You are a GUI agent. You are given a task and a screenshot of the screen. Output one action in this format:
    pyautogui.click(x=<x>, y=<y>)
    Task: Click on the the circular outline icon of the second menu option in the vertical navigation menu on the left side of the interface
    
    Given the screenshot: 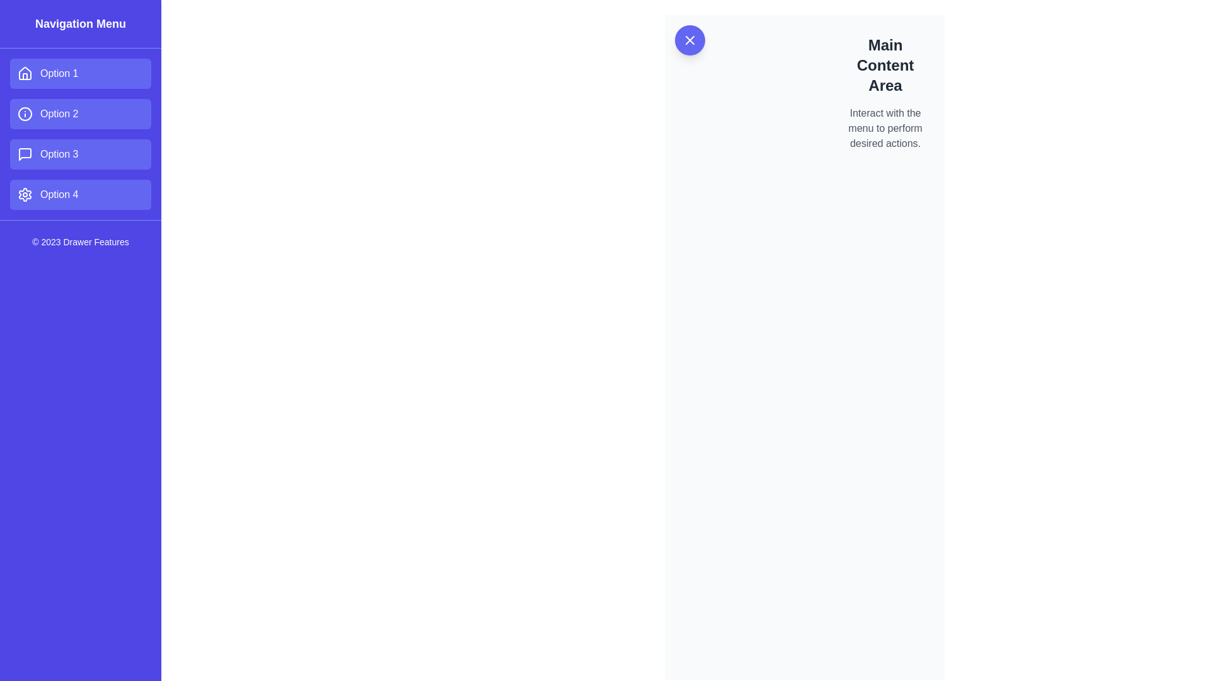 What is the action you would take?
    pyautogui.click(x=25, y=114)
    